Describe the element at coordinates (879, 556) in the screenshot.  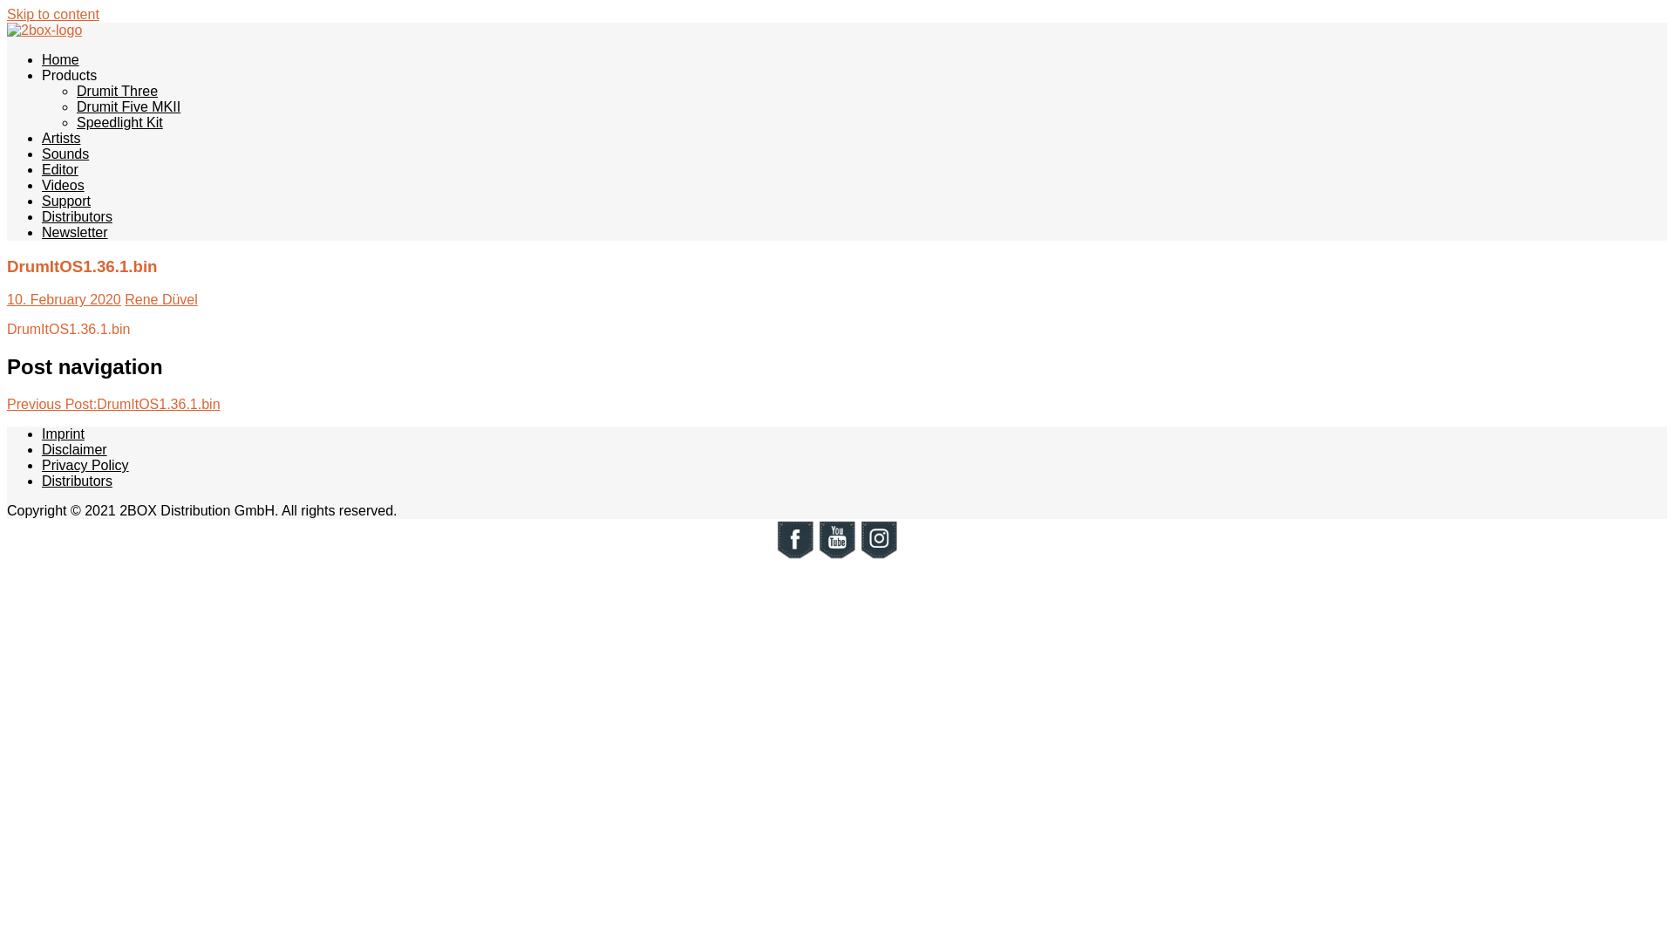
I see `'Visit Us On Instagram'` at that location.